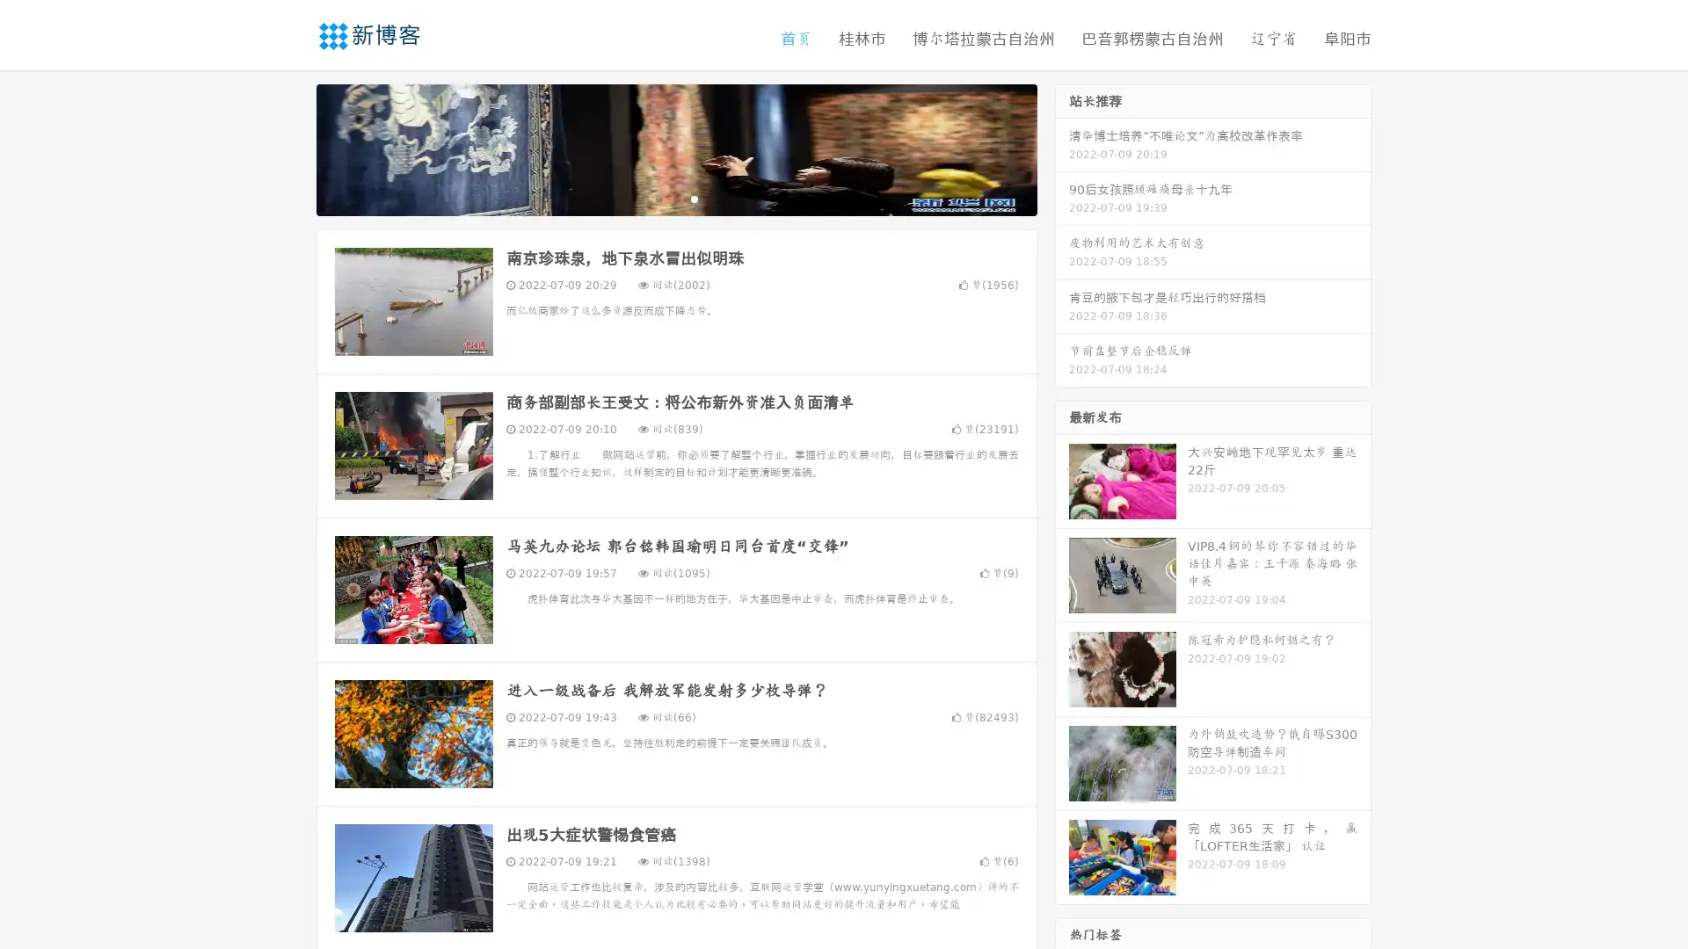  Describe the element at coordinates (1062, 148) in the screenshot. I see `Next slide` at that location.